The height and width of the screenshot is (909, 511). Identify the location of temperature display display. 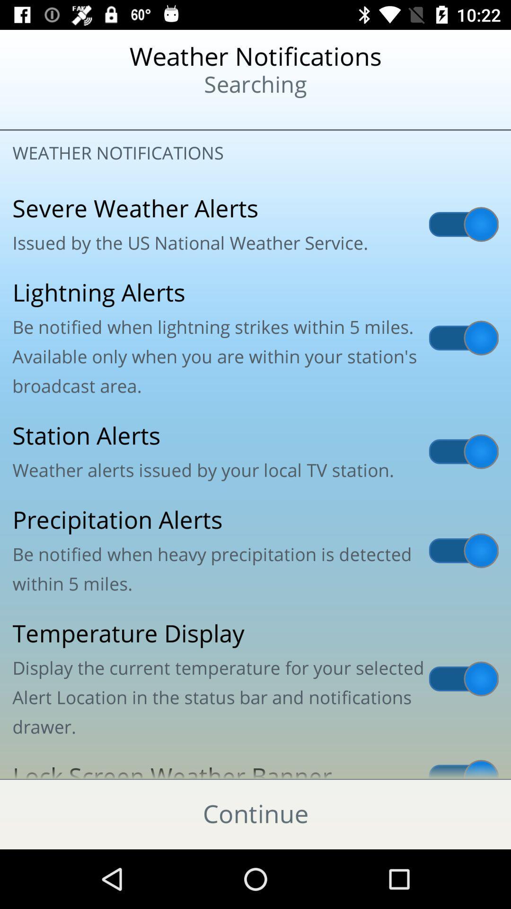
(255, 678).